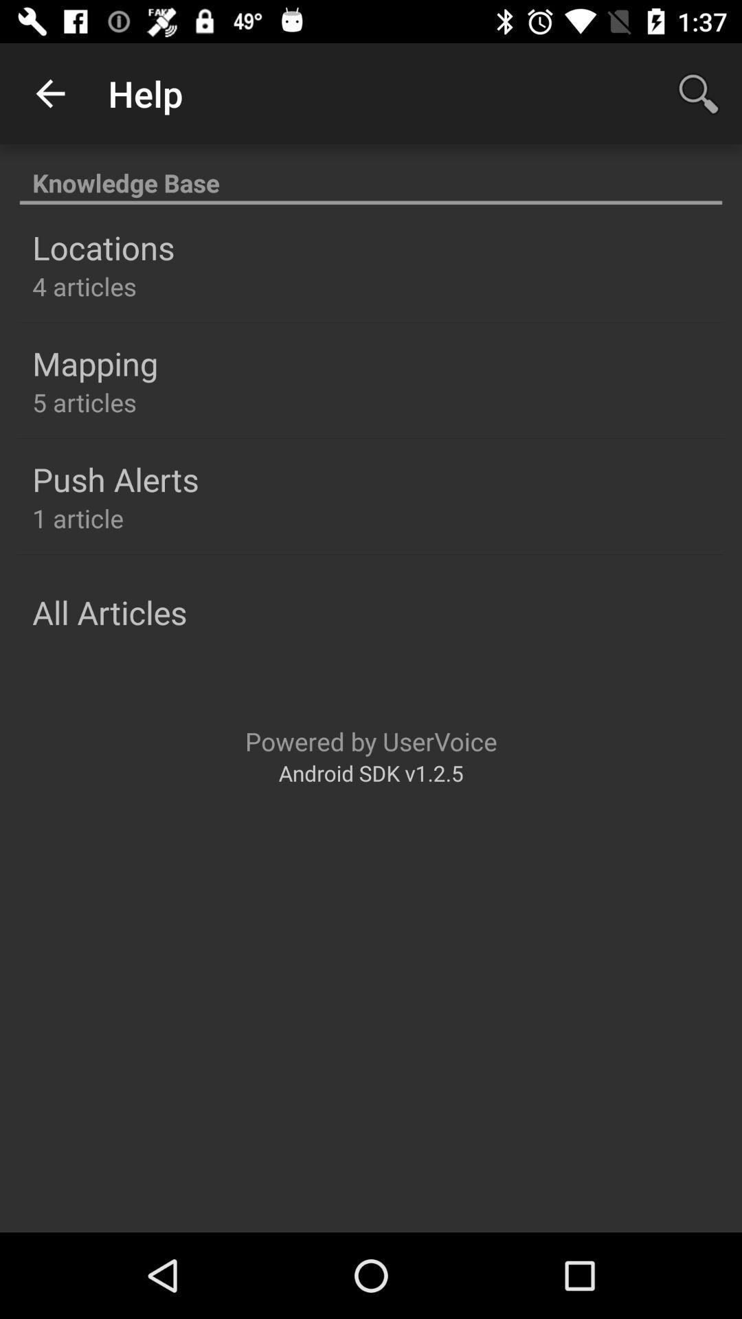  What do you see at coordinates (109, 611) in the screenshot?
I see `the all articles icon` at bounding box center [109, 611].